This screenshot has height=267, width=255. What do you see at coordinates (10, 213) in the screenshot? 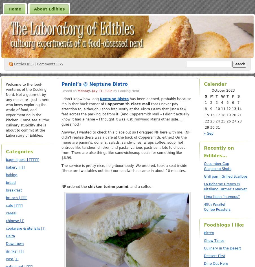
I see `'cereal'` at bounding box center [10, 213].